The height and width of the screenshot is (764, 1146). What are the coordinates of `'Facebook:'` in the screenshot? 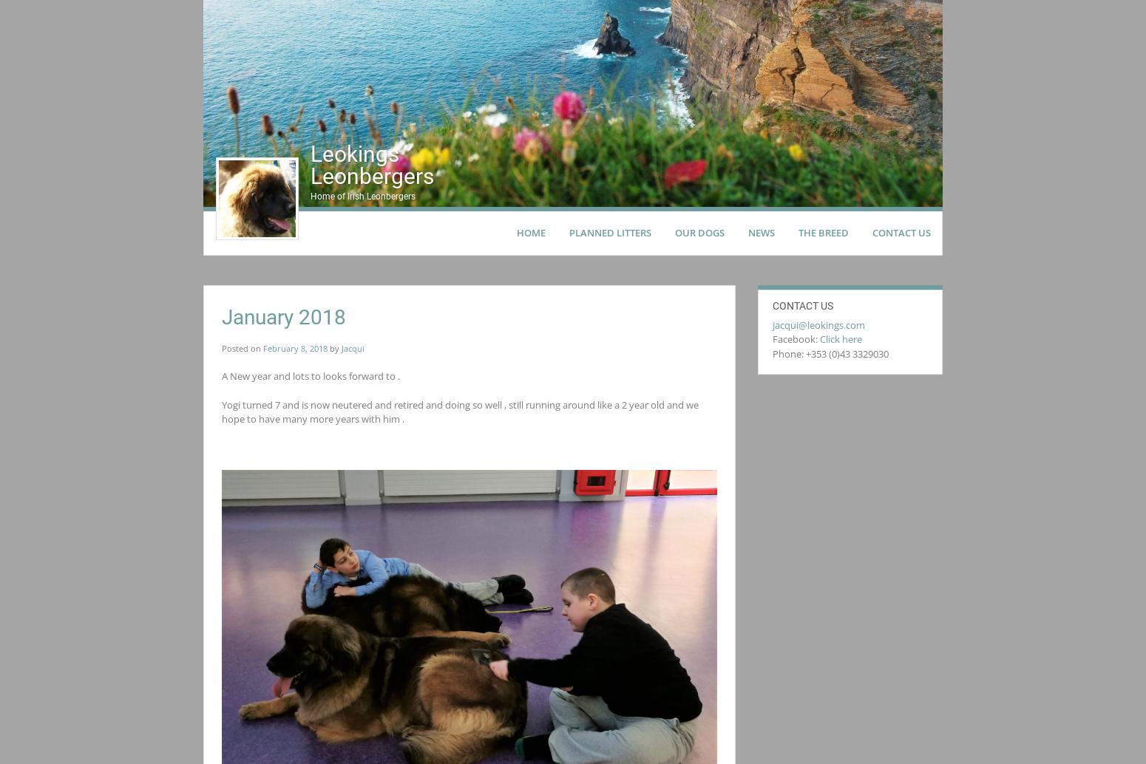 It's located at (796, 338).